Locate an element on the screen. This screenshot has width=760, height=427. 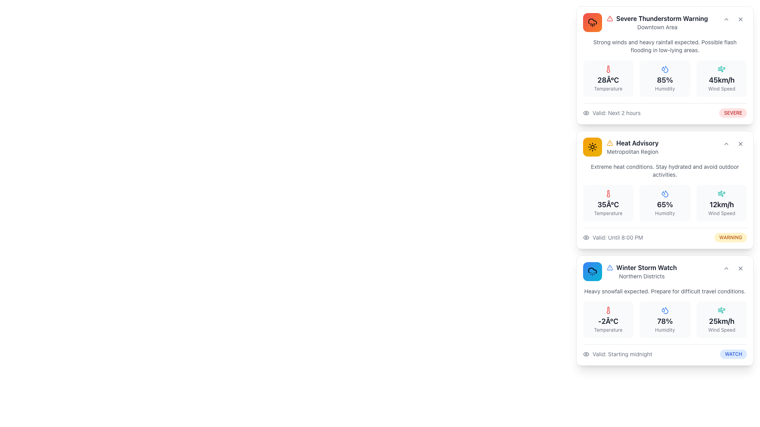
information from the Information banner with icon and text, which alerts users about severe weather conditions affecting a specified area is located at coordinates (657, 22).